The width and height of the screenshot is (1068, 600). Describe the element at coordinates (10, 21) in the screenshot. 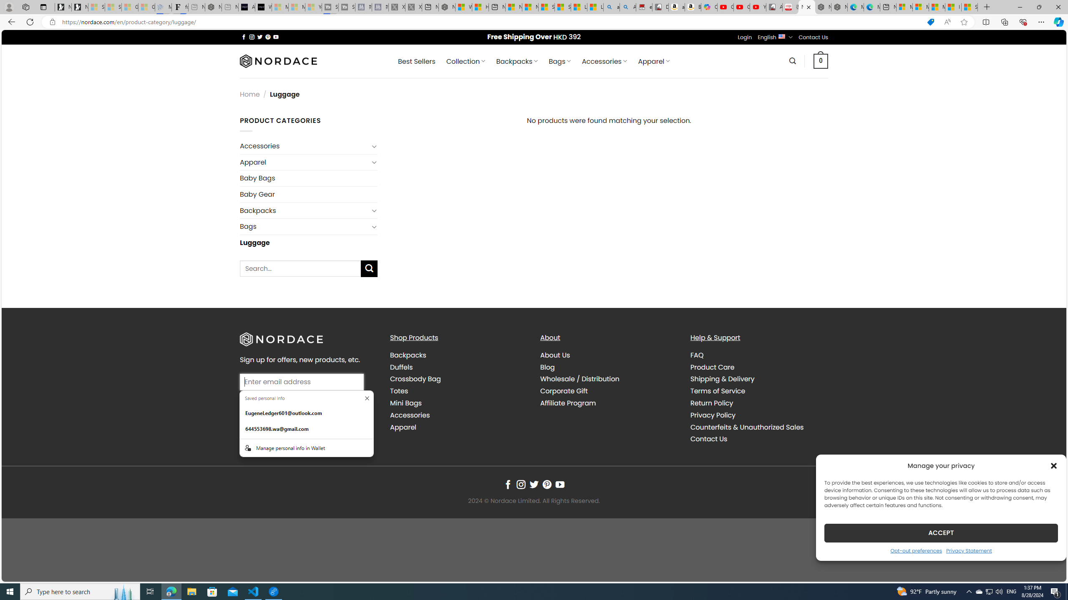

I see `'Back'` at that location.